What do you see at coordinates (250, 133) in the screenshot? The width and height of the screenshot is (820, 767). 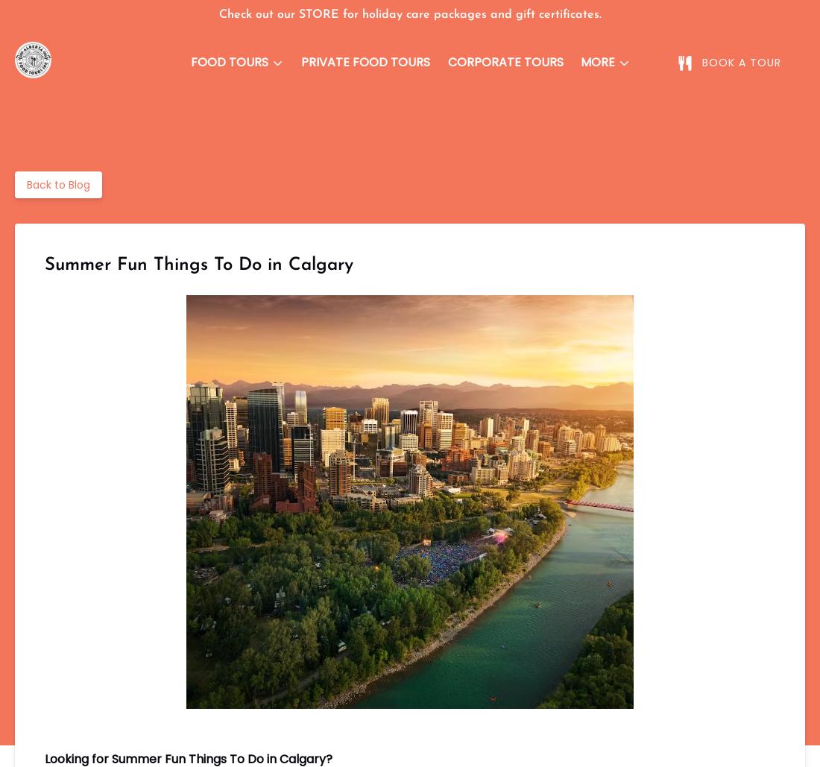 I see `'Banff and Canmore'` at bounding box center [250, 133].